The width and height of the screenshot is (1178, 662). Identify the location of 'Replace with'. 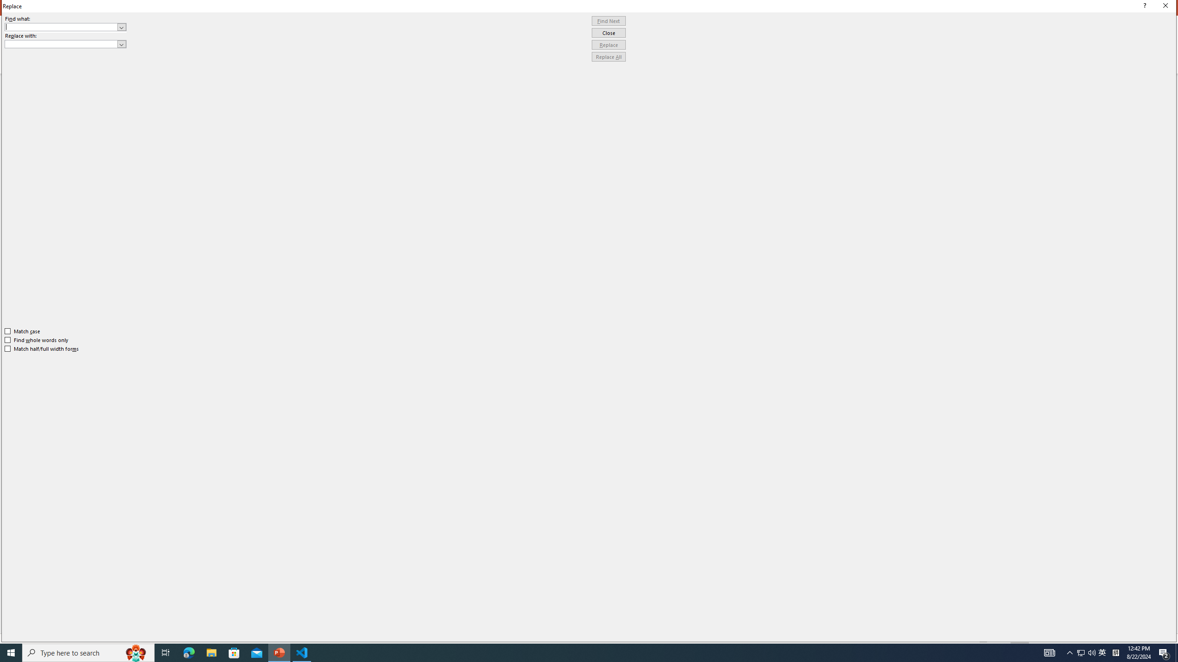
(61, 44).